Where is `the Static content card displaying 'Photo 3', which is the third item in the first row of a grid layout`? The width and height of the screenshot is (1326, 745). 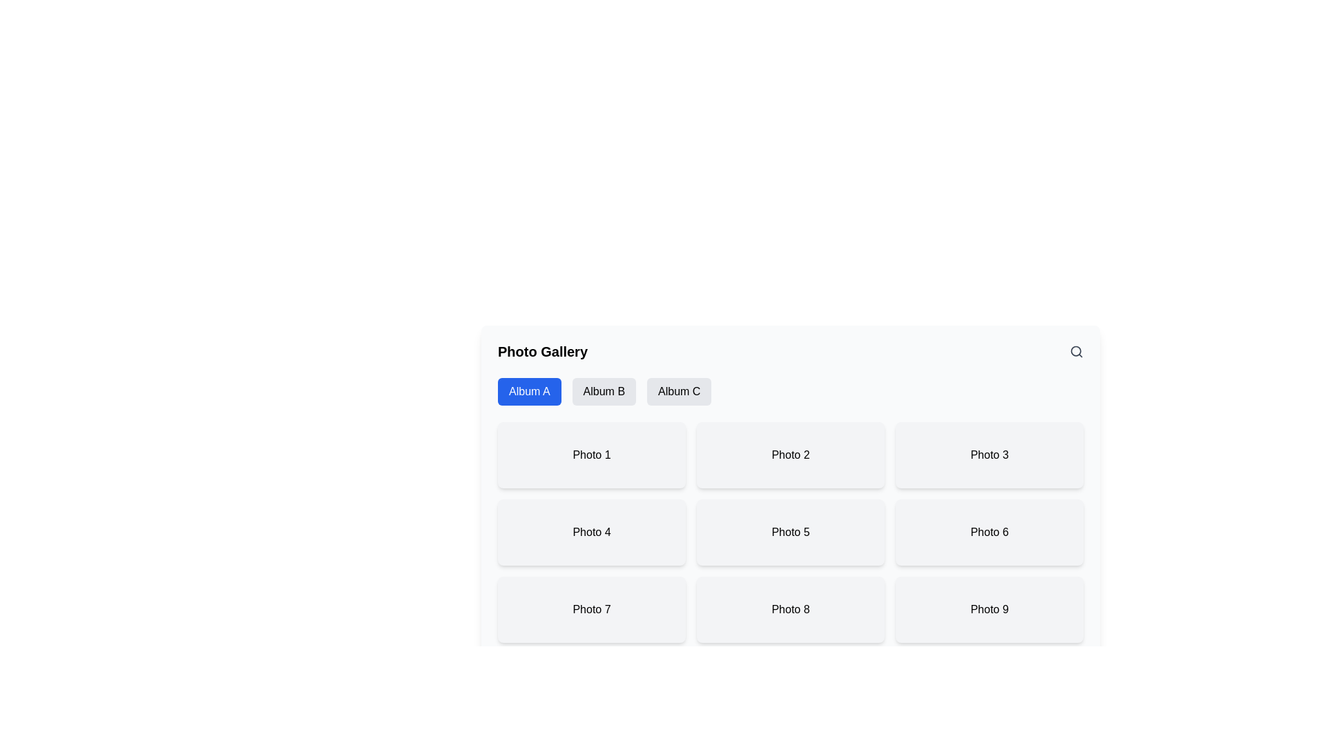
the Static content card displaying 'Photo 3', which is the third item in the first row of a grid layout is located at coordinates (989, 455).